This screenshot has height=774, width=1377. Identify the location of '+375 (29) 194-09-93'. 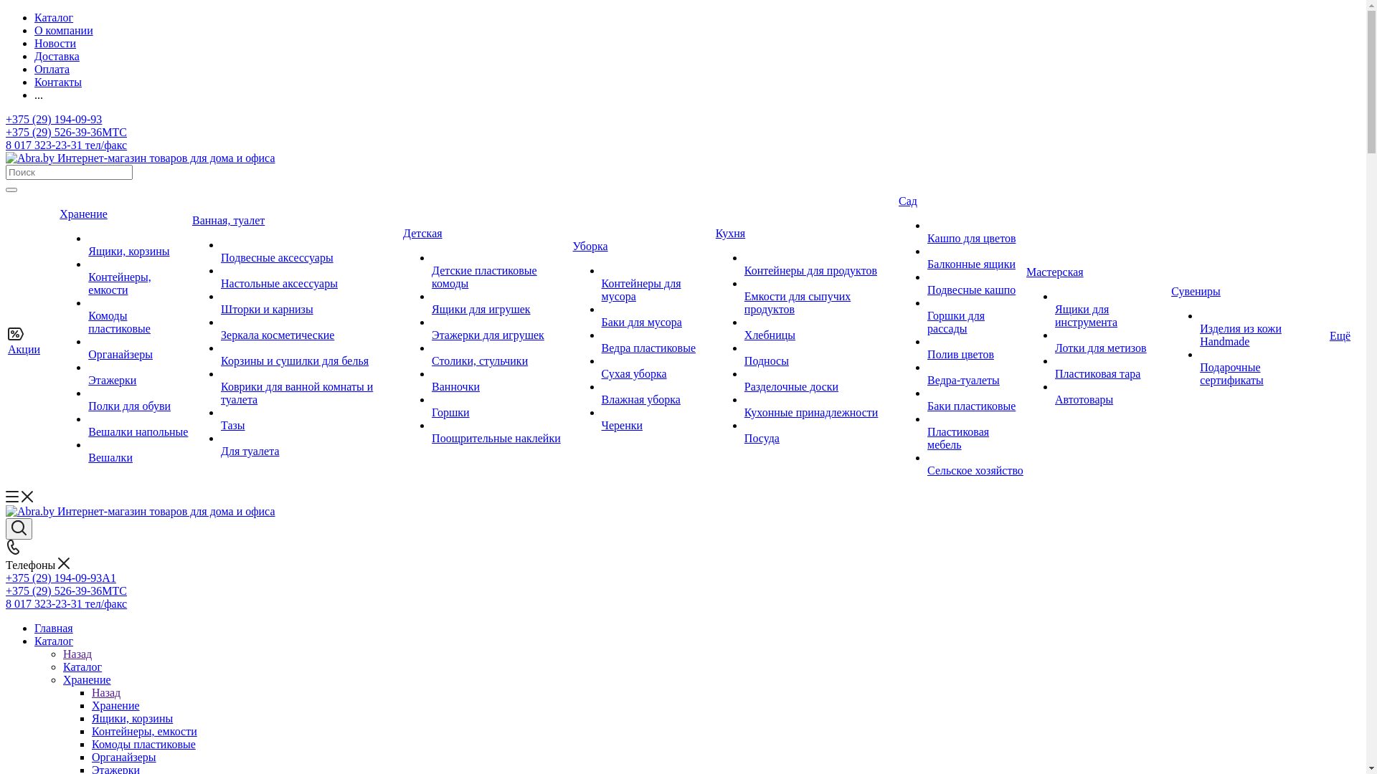
(54, 118).